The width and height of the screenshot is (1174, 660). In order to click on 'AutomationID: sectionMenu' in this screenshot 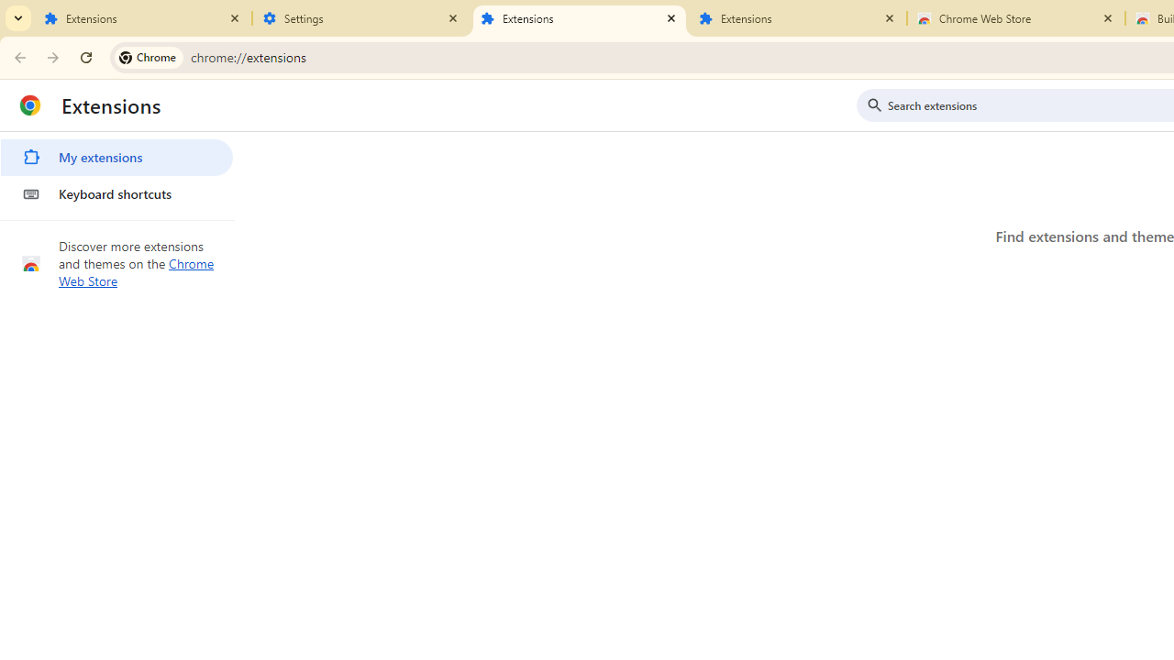, I will do `click(116, 171)`.